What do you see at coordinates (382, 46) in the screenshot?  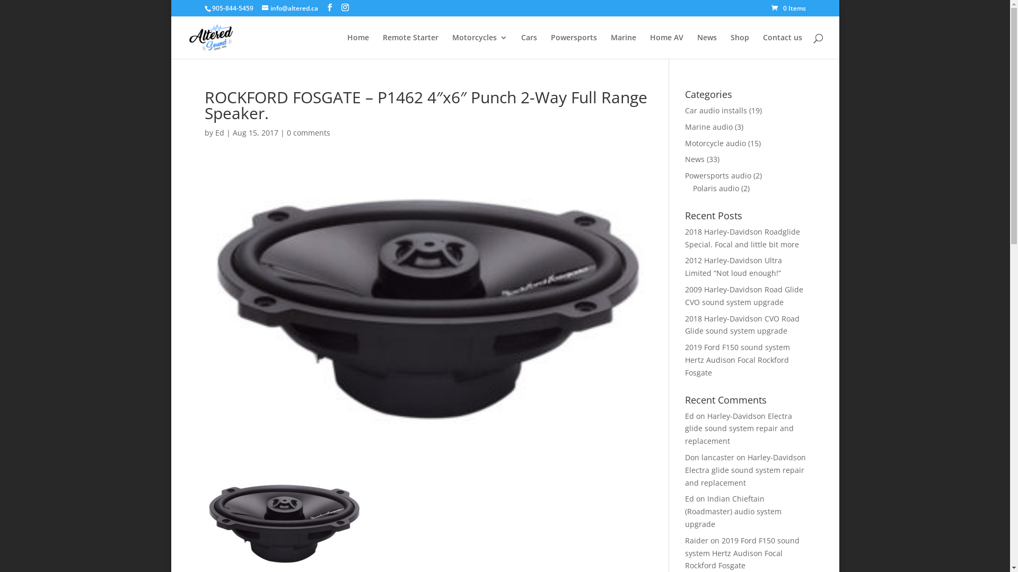 I see `'Remote Starter'` at bounding box center [382, 46].